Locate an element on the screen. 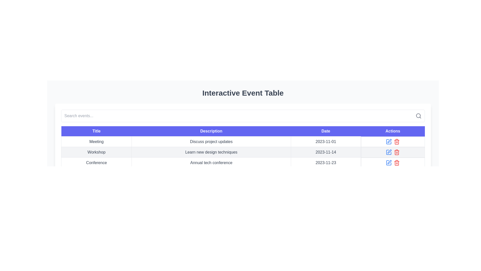  the text label displaying '2023-11-14' in dark gray font, located in the 'Date' column, second row of the table is located at coordinates (326, 152).